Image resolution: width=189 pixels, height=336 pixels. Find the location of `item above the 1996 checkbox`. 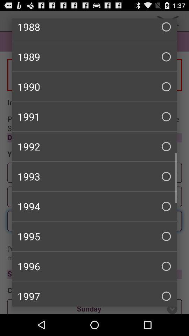

item above the 1996 checkbox is located at coordinates (94, 236).